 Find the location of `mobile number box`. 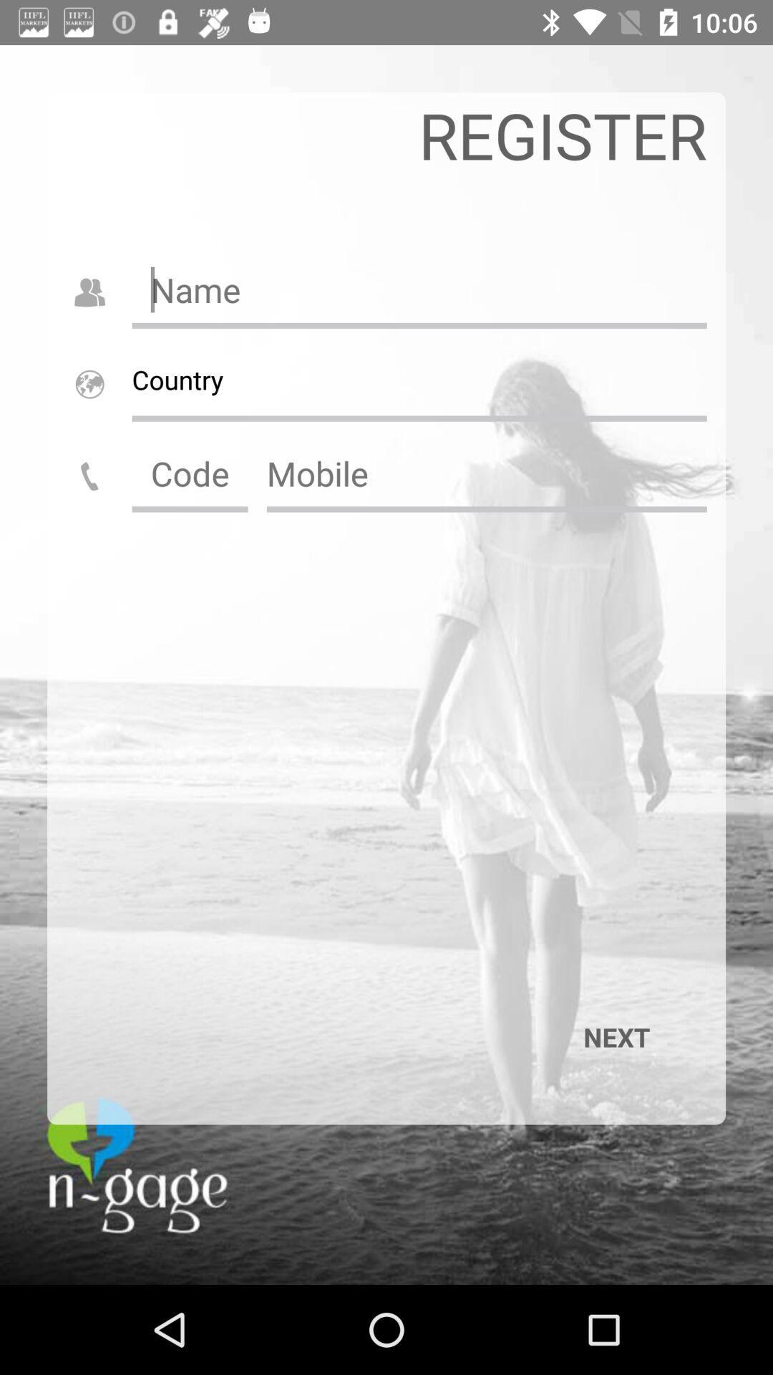

mobile number box is located at coordinates (486, 473).